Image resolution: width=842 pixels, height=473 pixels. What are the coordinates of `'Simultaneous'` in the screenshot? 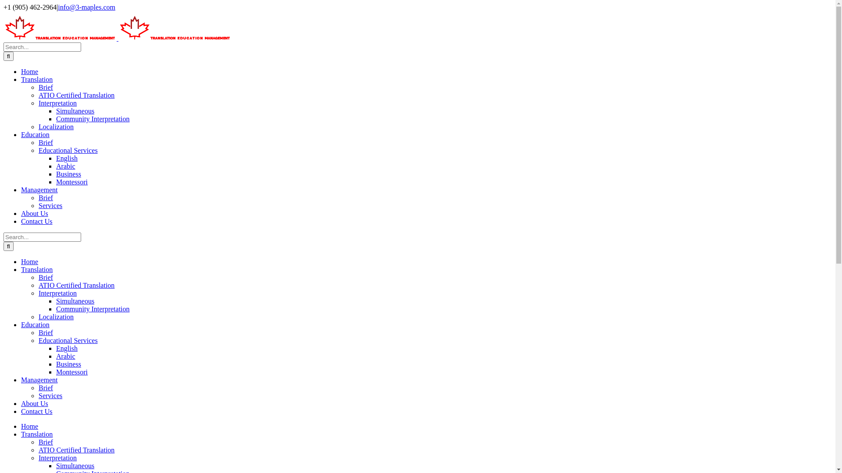 It's located at (75, 110).